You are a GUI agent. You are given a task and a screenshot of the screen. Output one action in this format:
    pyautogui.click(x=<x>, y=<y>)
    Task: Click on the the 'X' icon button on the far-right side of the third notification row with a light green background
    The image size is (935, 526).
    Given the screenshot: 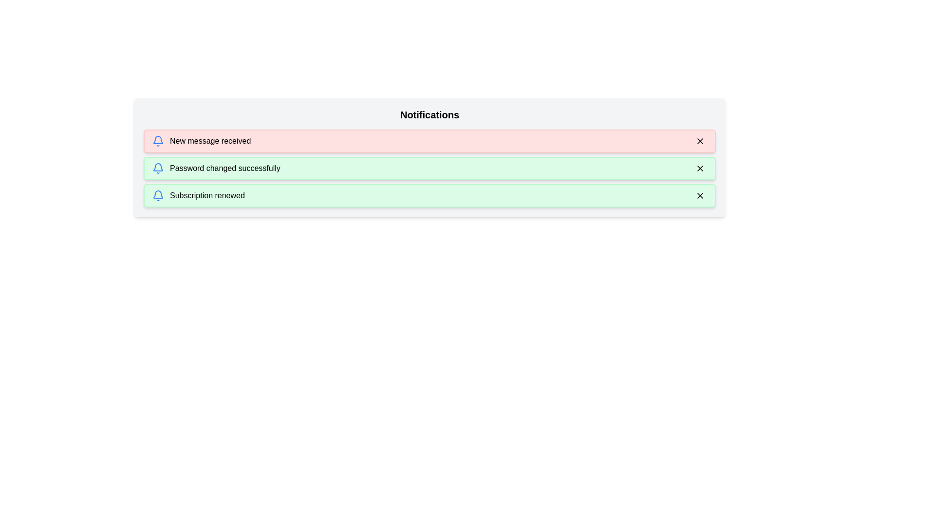 What is the action you would take?
    pyautogui.click(x=700, y=195)
    